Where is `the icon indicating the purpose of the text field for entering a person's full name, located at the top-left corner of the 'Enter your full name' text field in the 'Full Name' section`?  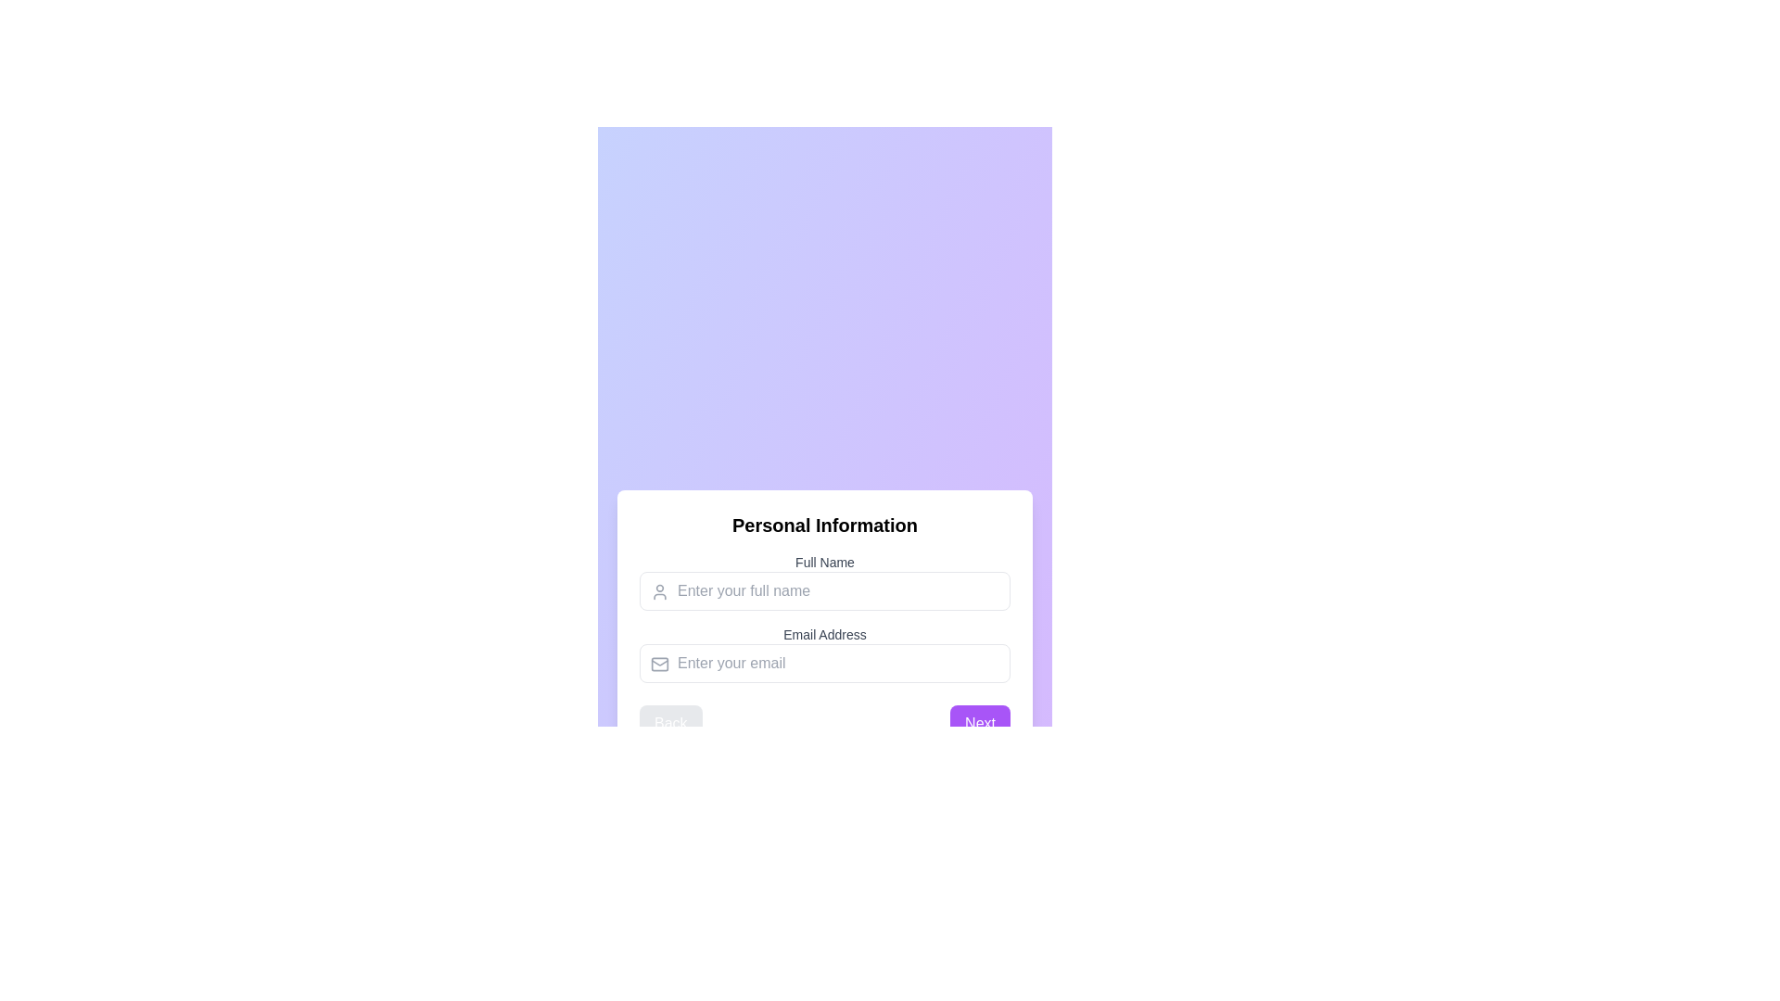
the icon indicating the purpose of the text field for entering a person's full name, located at the top-left corner of the 'Enter your full name' text field in the 'Full Name' section is located at coordinates (659, 592).